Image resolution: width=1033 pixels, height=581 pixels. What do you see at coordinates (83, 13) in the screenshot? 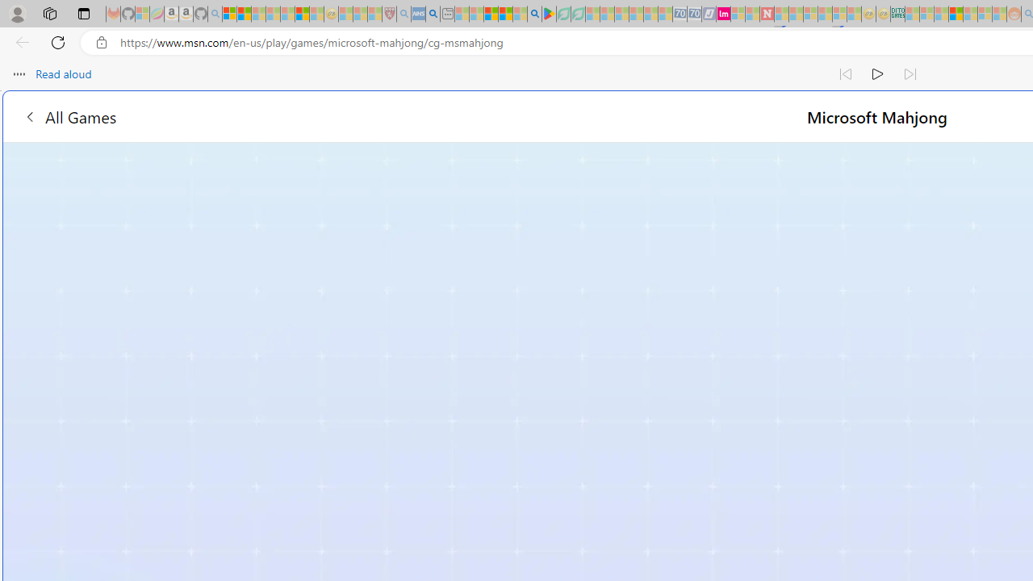
I see `'Tab actions menu'` at bounding box center [83, 13].